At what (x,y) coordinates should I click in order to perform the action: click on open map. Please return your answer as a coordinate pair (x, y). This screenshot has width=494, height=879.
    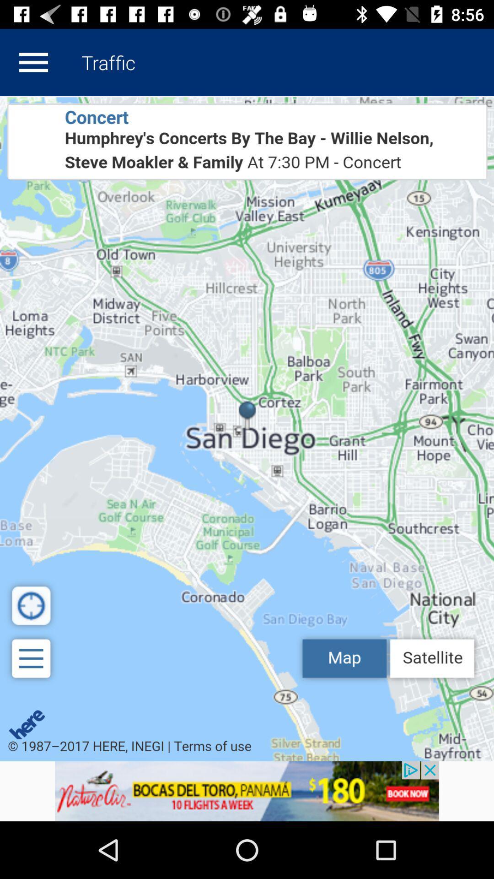
    Looking at the image, I should click on (247, 428).